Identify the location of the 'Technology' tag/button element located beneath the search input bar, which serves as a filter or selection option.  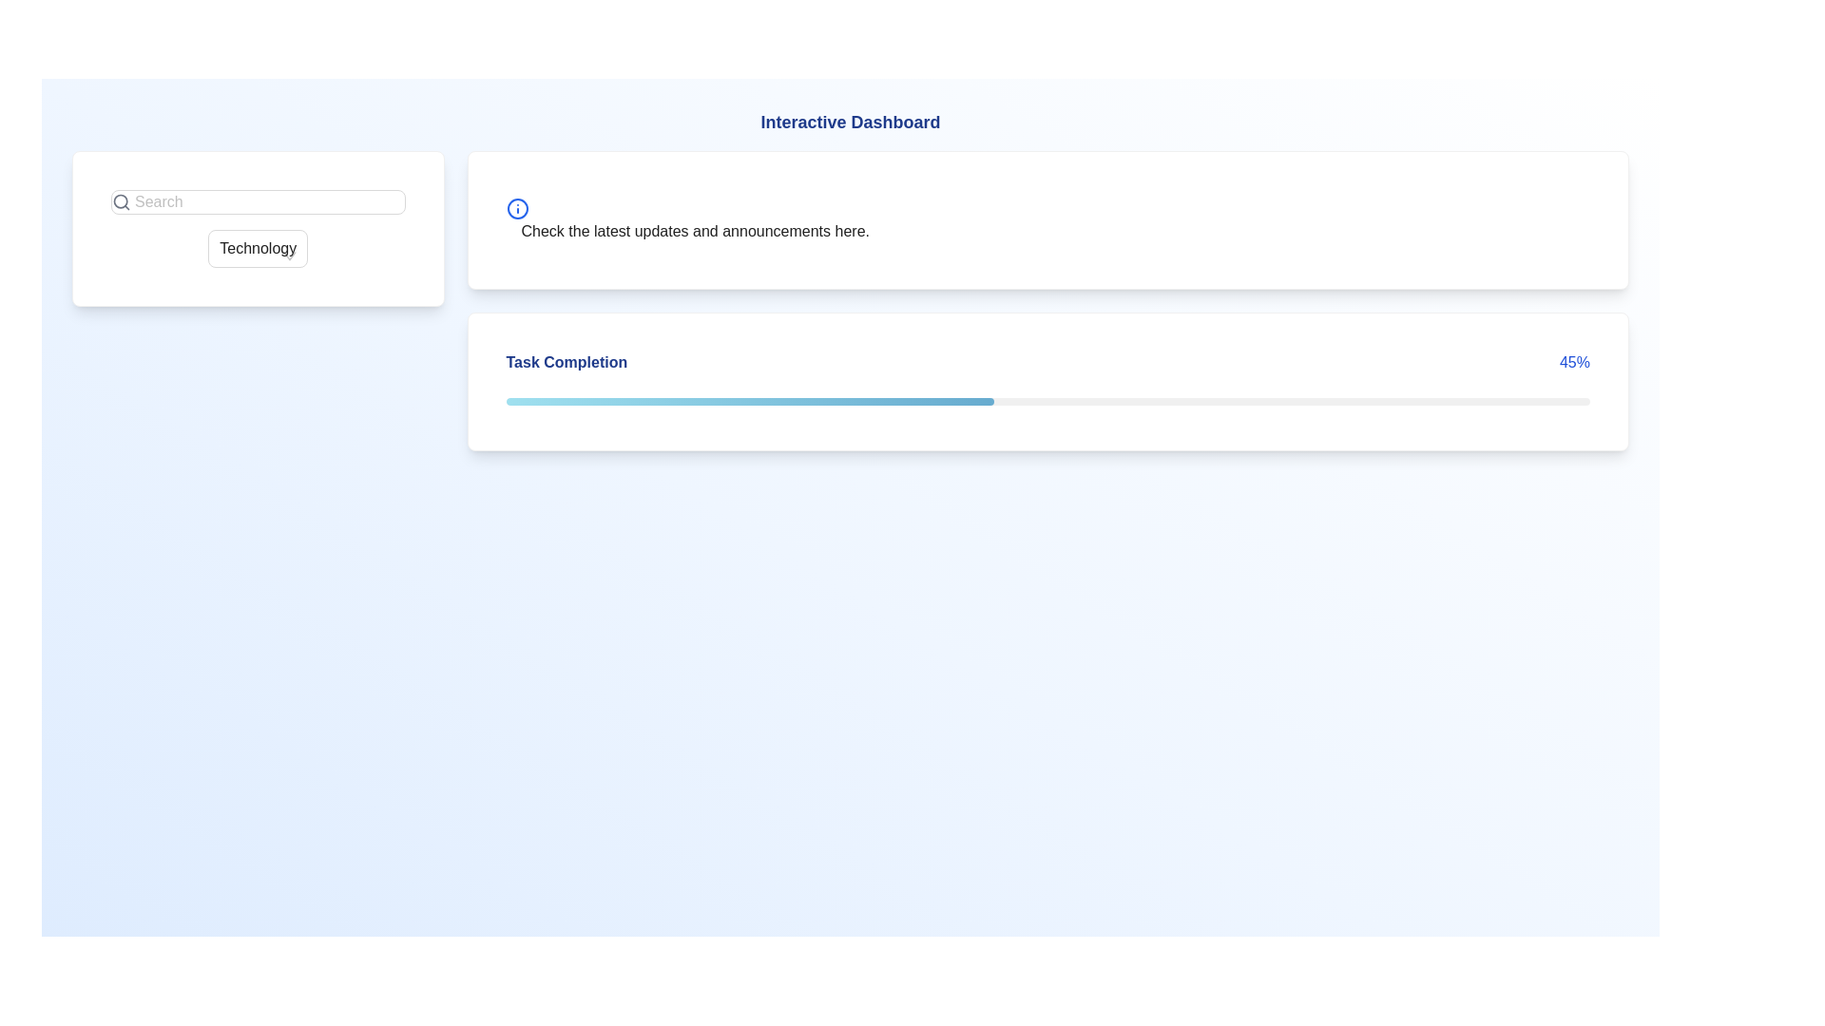
(257, 227).